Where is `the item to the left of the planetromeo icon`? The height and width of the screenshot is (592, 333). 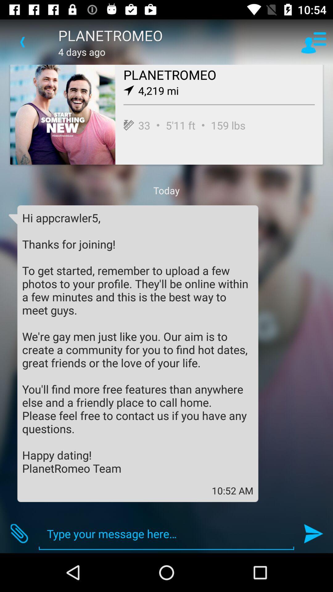 the item to the left of the planetromeo icon is located at coordinates (22, 42).